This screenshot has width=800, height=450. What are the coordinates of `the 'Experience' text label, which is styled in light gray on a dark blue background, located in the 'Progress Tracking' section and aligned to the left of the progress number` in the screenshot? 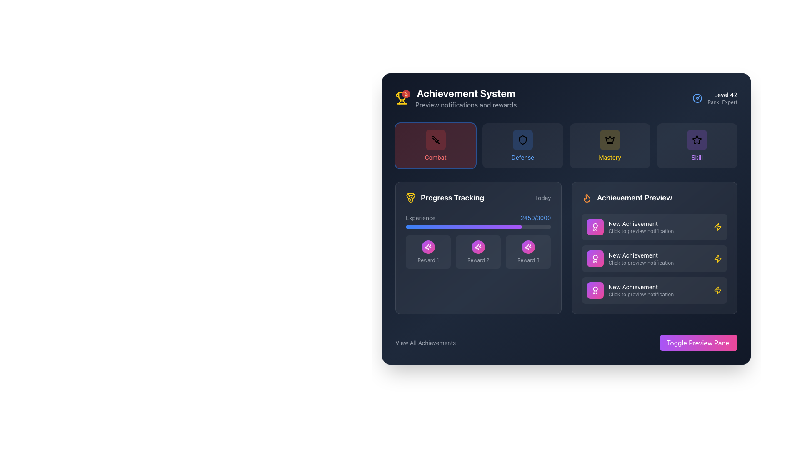 It's located at (420, 217).